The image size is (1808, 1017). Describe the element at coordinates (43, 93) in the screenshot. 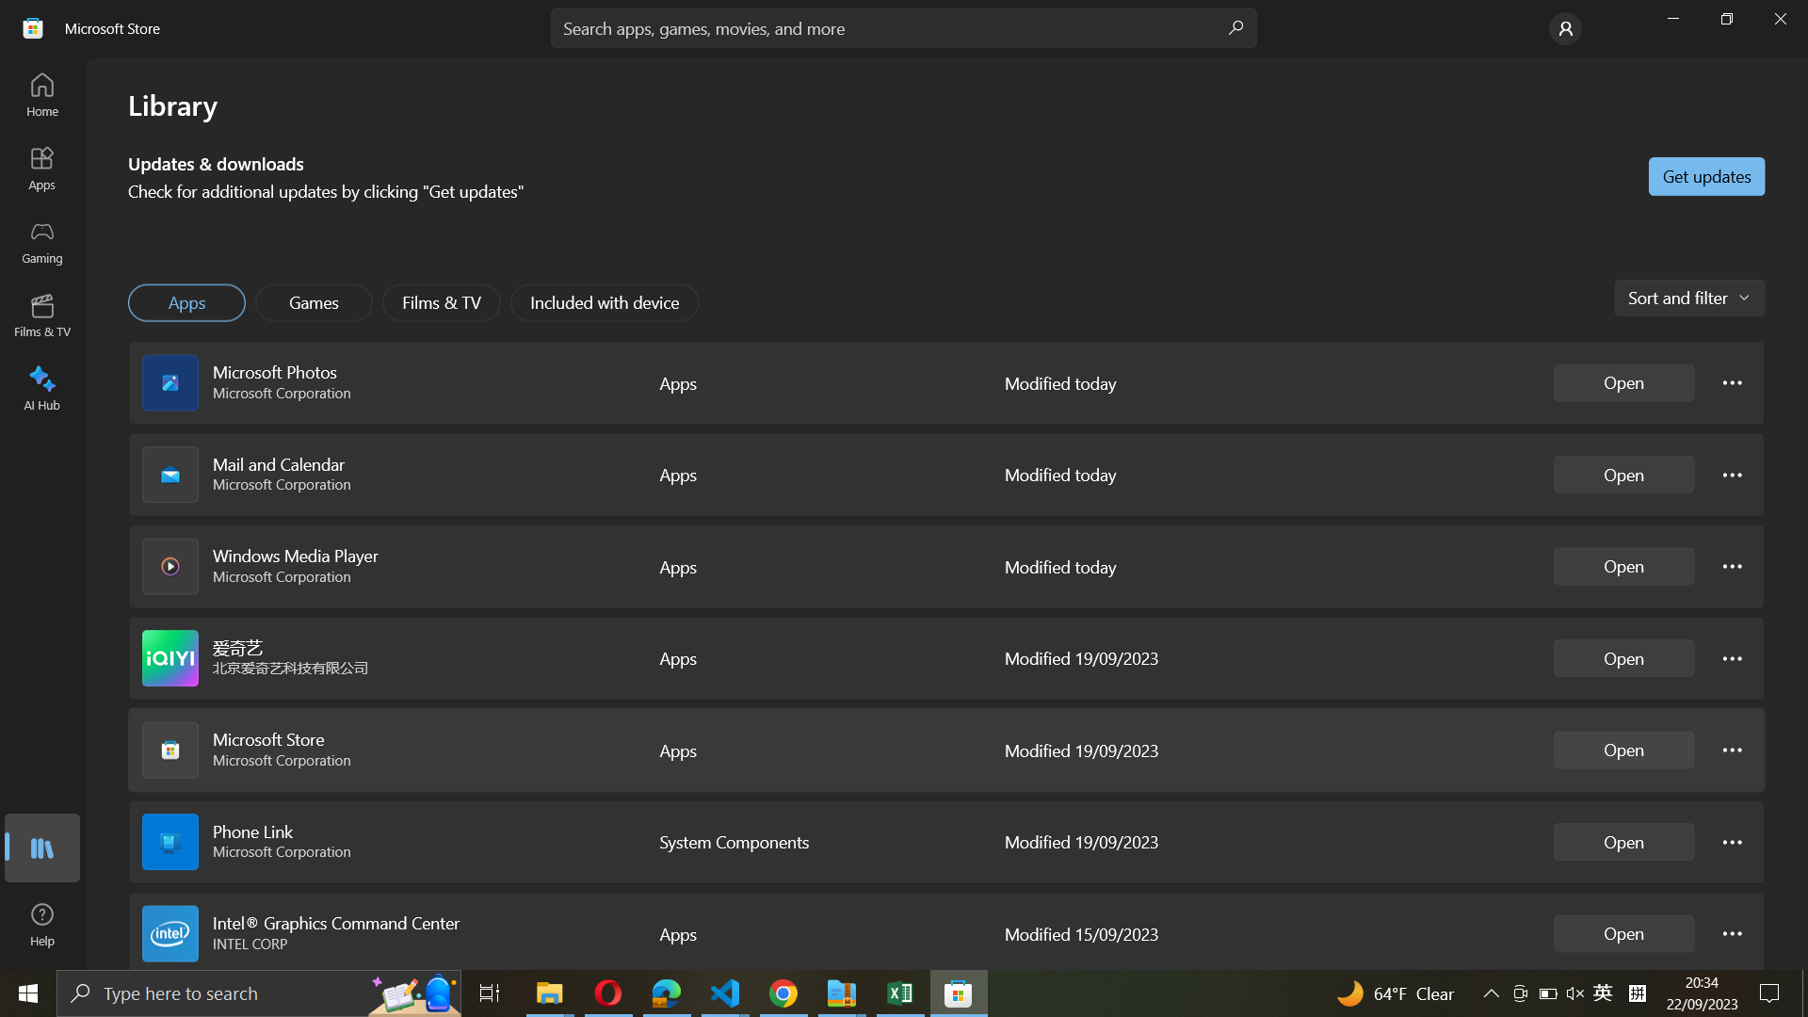

I see `Transition to Home Dashboard` at that location.